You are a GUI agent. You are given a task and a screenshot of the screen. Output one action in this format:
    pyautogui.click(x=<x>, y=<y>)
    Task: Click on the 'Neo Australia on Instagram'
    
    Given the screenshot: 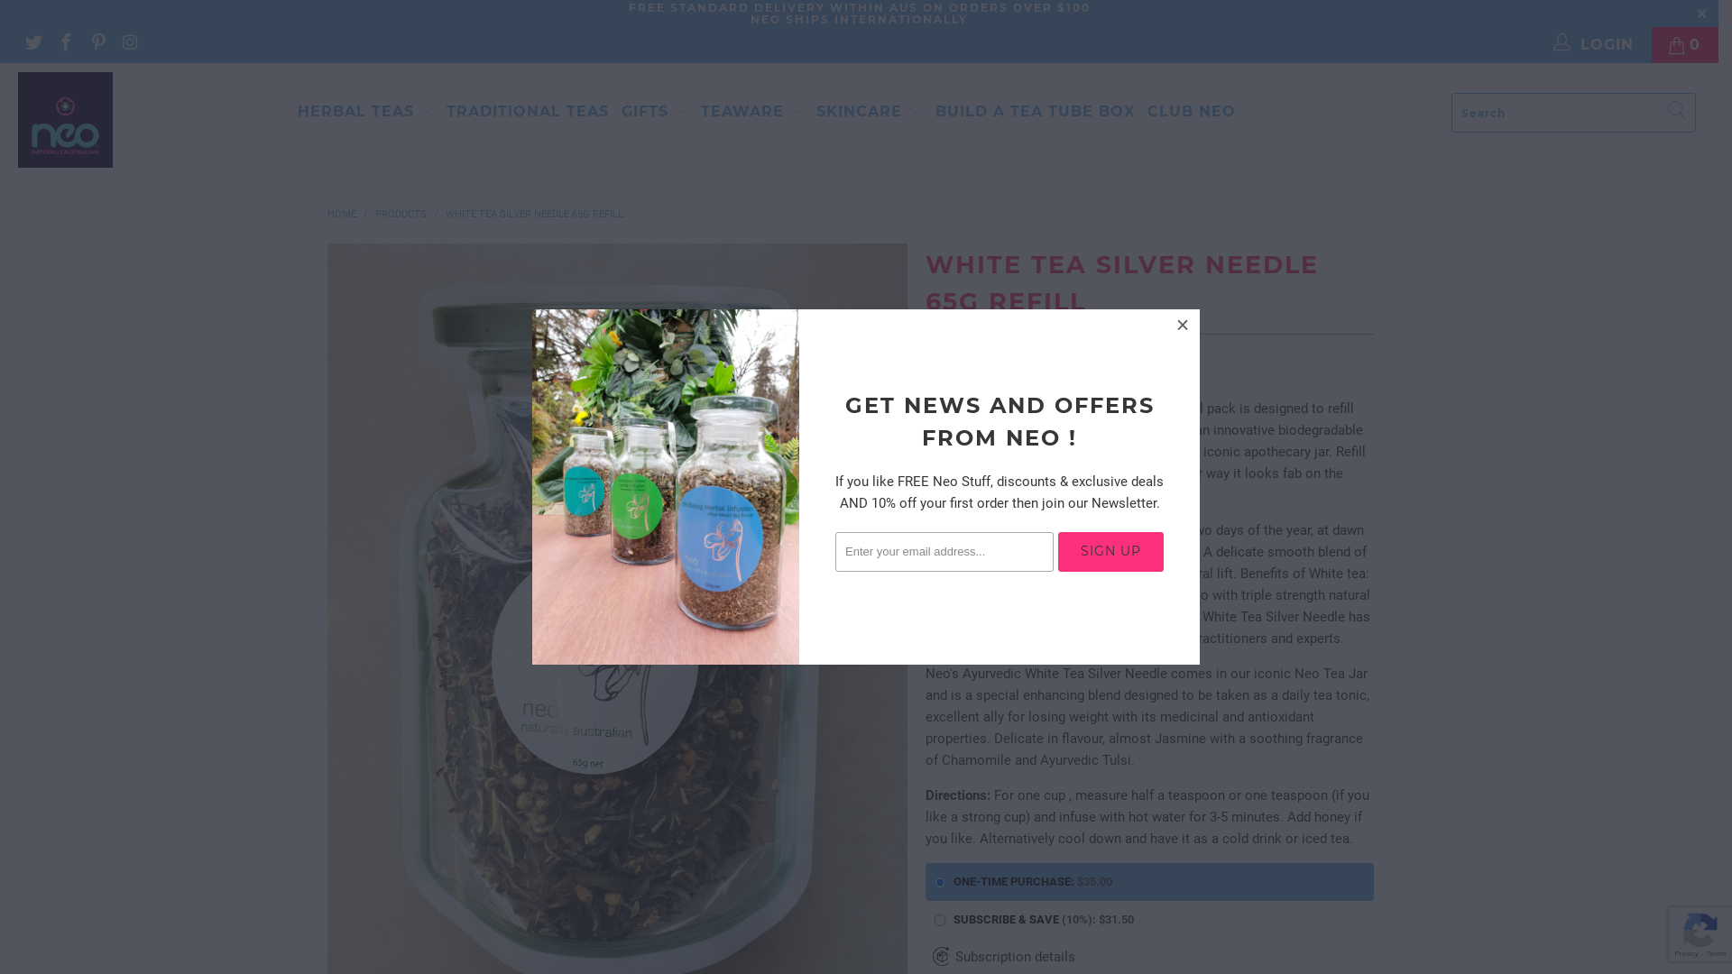 What is the action you would take?
    pyautogui.click(x=129, y=43)
    